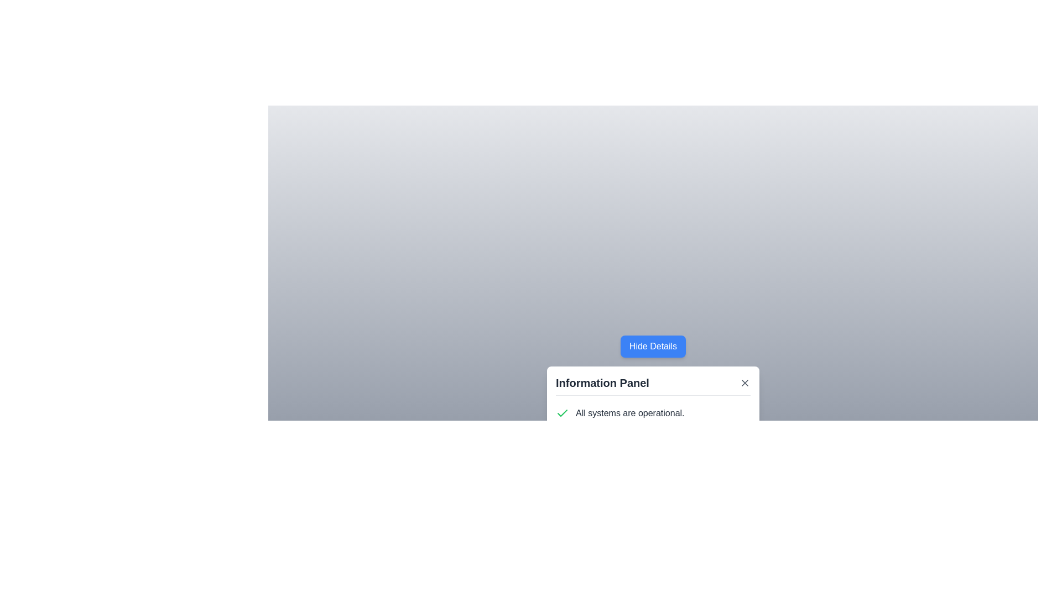 The image size is (1062, 597). What do you see at coordinates (745, 381) in the screenshot?
I see `the close button icon, which is a small 'X' icon located on the far right side of the Information Panel, to change its color to red` at bounding box center [745, 381].